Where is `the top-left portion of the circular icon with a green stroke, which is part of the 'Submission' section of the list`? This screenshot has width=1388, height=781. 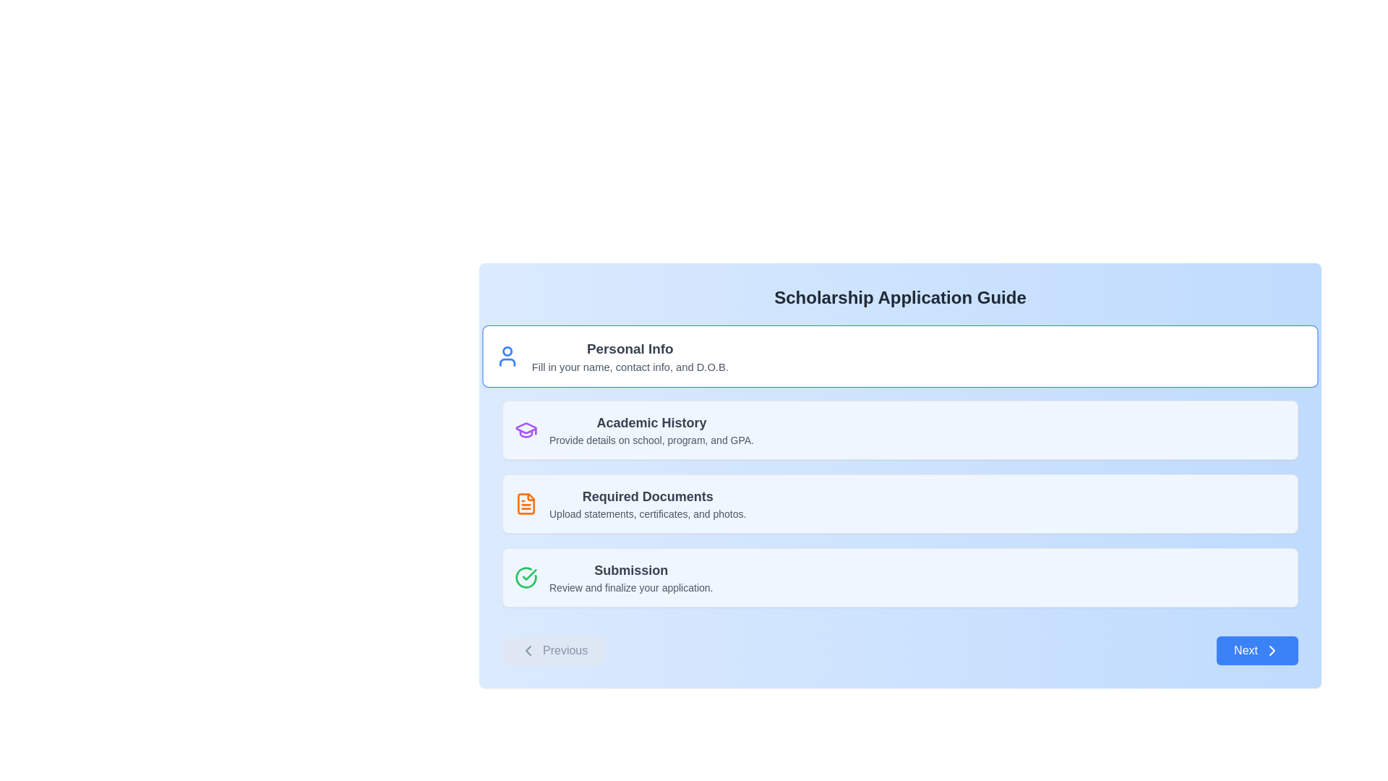
the top-left portion of the circular icon with a green stroke, which is part of the 'Submission' section of the list is located at coordinates (526, 576).